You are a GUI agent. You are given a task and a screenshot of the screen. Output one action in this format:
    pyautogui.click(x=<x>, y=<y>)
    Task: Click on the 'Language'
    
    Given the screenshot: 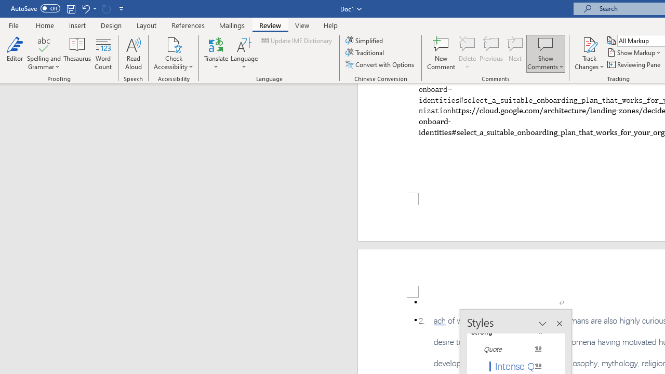 What is the action you would take?
    pyautogui.click(x=244, y=54)
    